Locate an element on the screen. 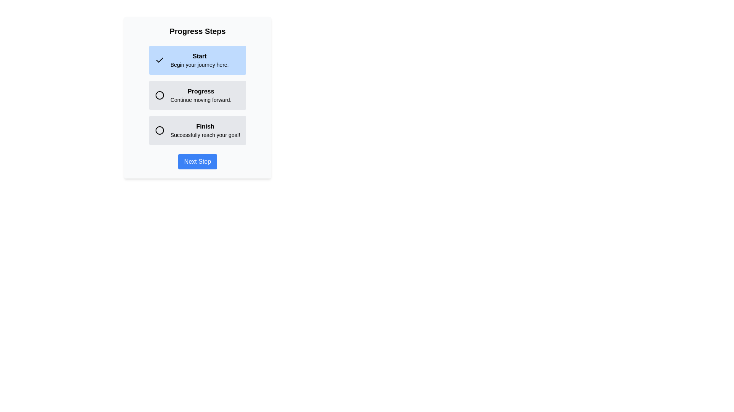 The width and height of the screenshot is (734, 412). the Text Label that indicates the first step in the 'Progress Steps' sequence, positioned above the subtitle 'Begin your journey here.' is located at coordinates (200, 56).